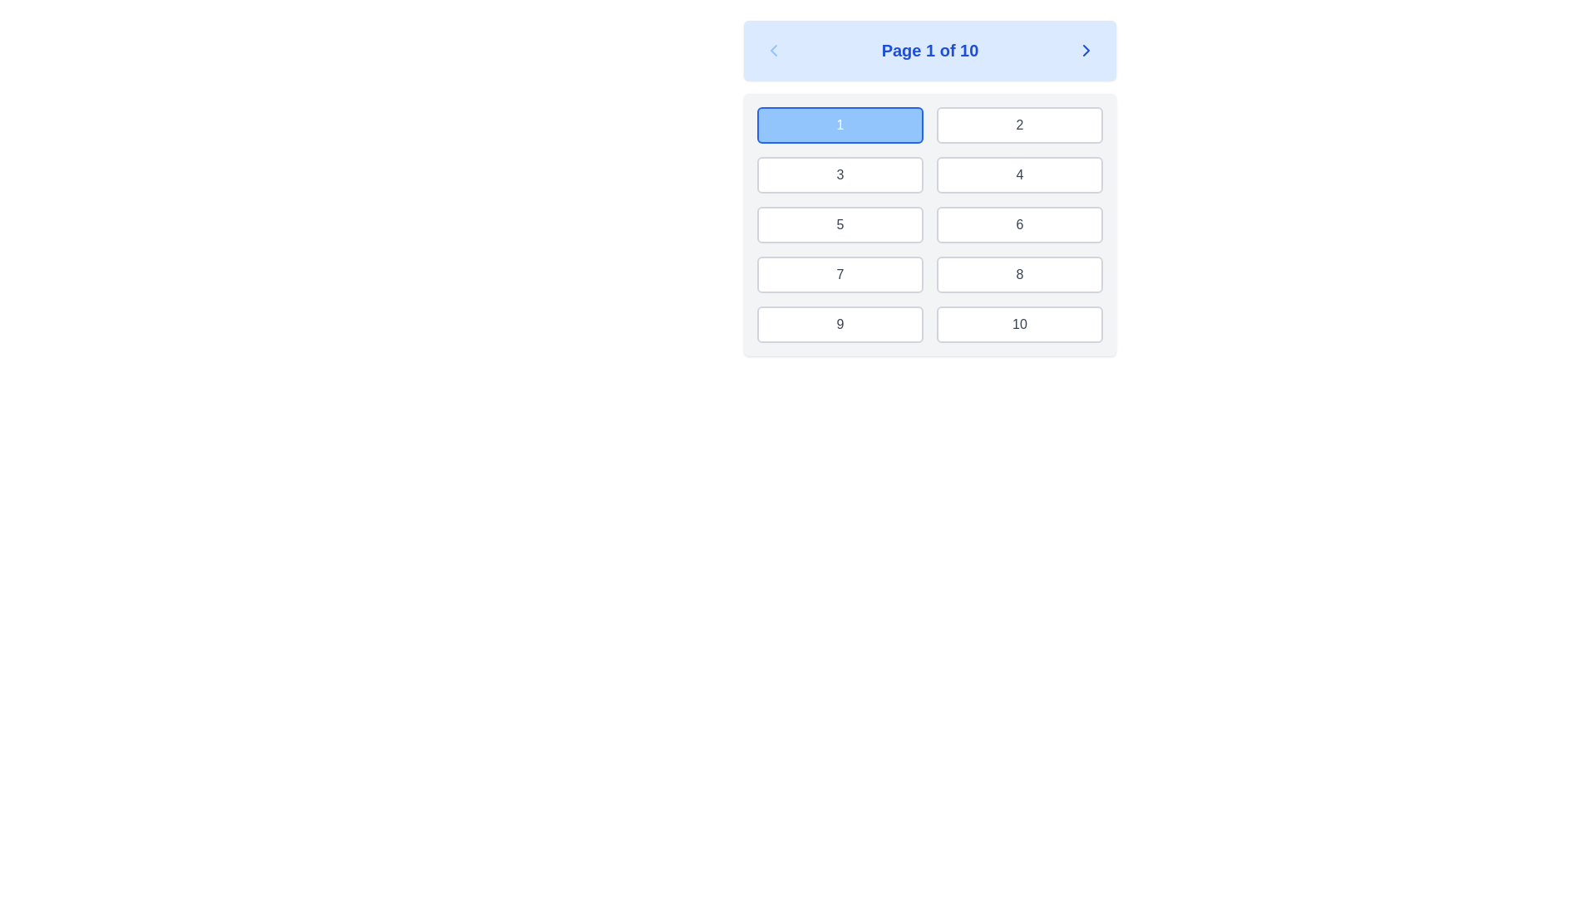 Image resolution: width=1596 pixels, height=897 pixels. Describe the element at coordinates (1019, 324) in the screenshot. I see `the rectangular button labeled '10' with a white background and gray border located in the bottom right of the grid layout on 'Page 1 of 10'` at that location.